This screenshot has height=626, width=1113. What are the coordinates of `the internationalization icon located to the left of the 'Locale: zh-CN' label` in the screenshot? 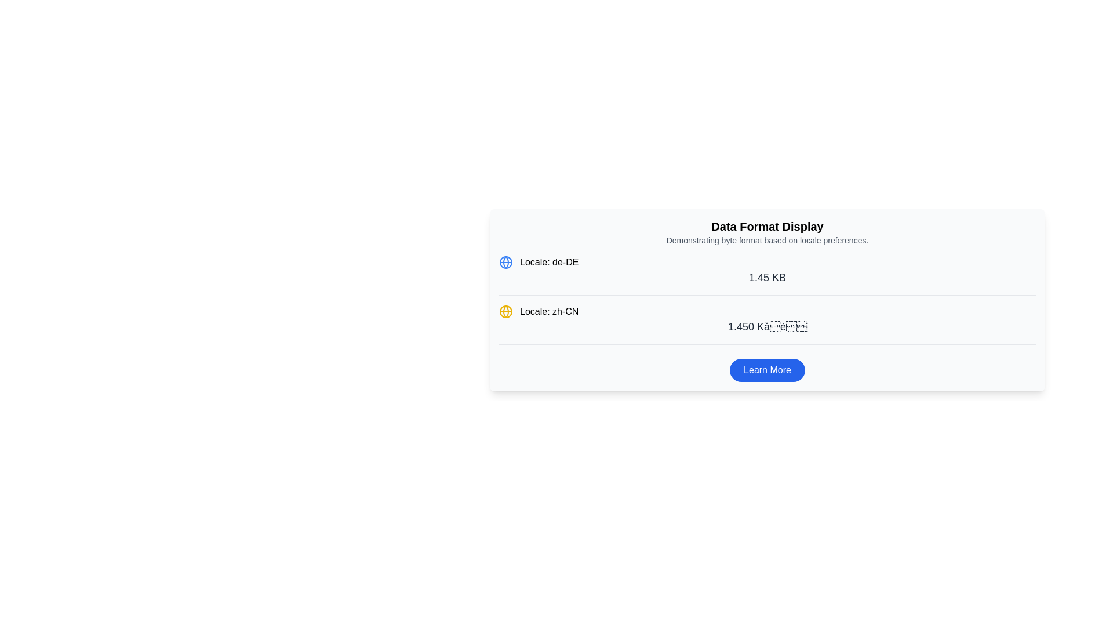 It's located at (506, 311).